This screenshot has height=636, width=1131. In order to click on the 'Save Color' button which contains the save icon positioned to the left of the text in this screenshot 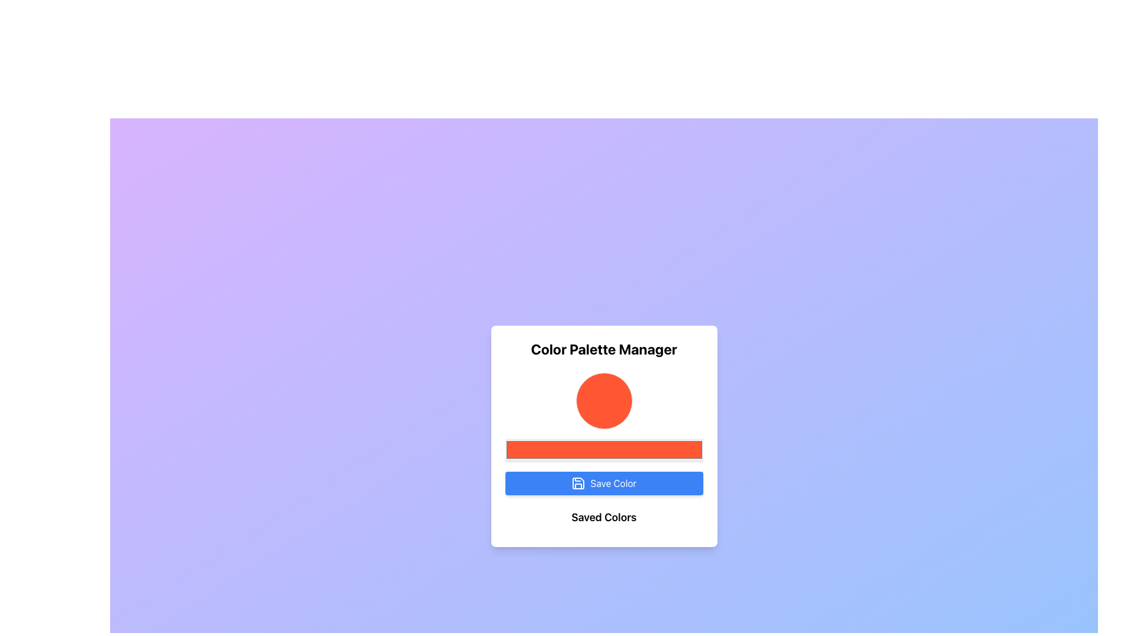, I will do `click(578, 483)`.